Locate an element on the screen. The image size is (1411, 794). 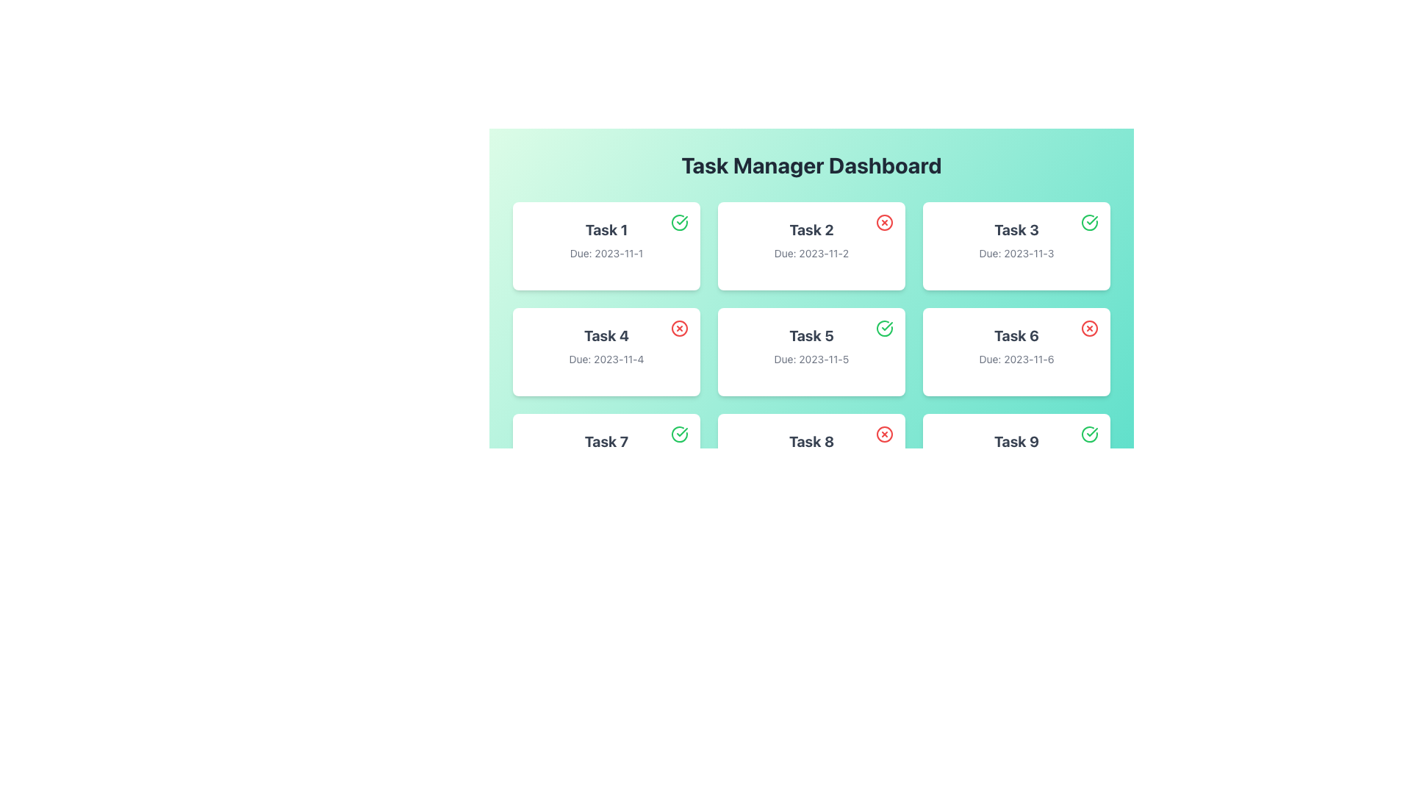
the left subpart of the 'completed' indicator icon located in the bottom-left cell of the grid layout under 'Task 7' is located at coordinates (679, 433).